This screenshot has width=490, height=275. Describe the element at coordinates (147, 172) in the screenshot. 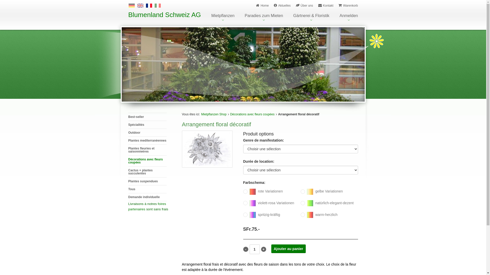

I see `'Cactus + plantes succulentes'` at that location.